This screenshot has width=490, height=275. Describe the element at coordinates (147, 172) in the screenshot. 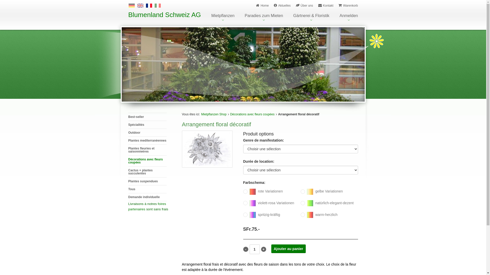

I see `'Cactus + plantes succulentes'` at that location.